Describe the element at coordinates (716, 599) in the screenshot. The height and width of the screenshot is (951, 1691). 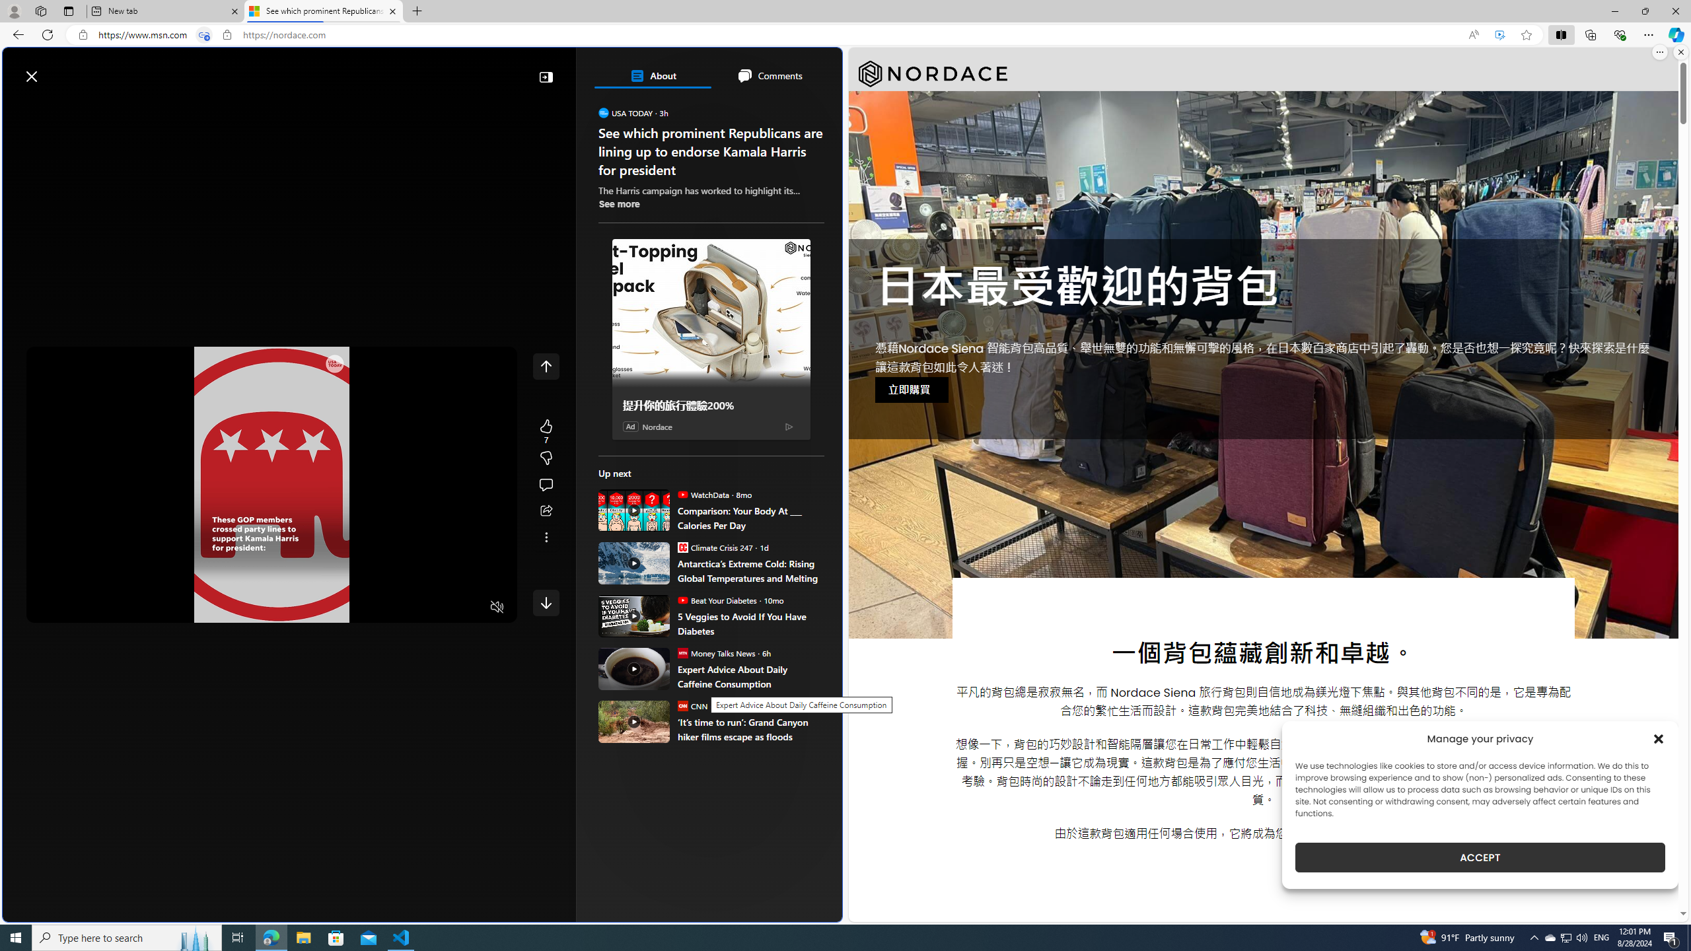
I see `'Beat Your Diabetes Beat Your Diabetes'` at that location.